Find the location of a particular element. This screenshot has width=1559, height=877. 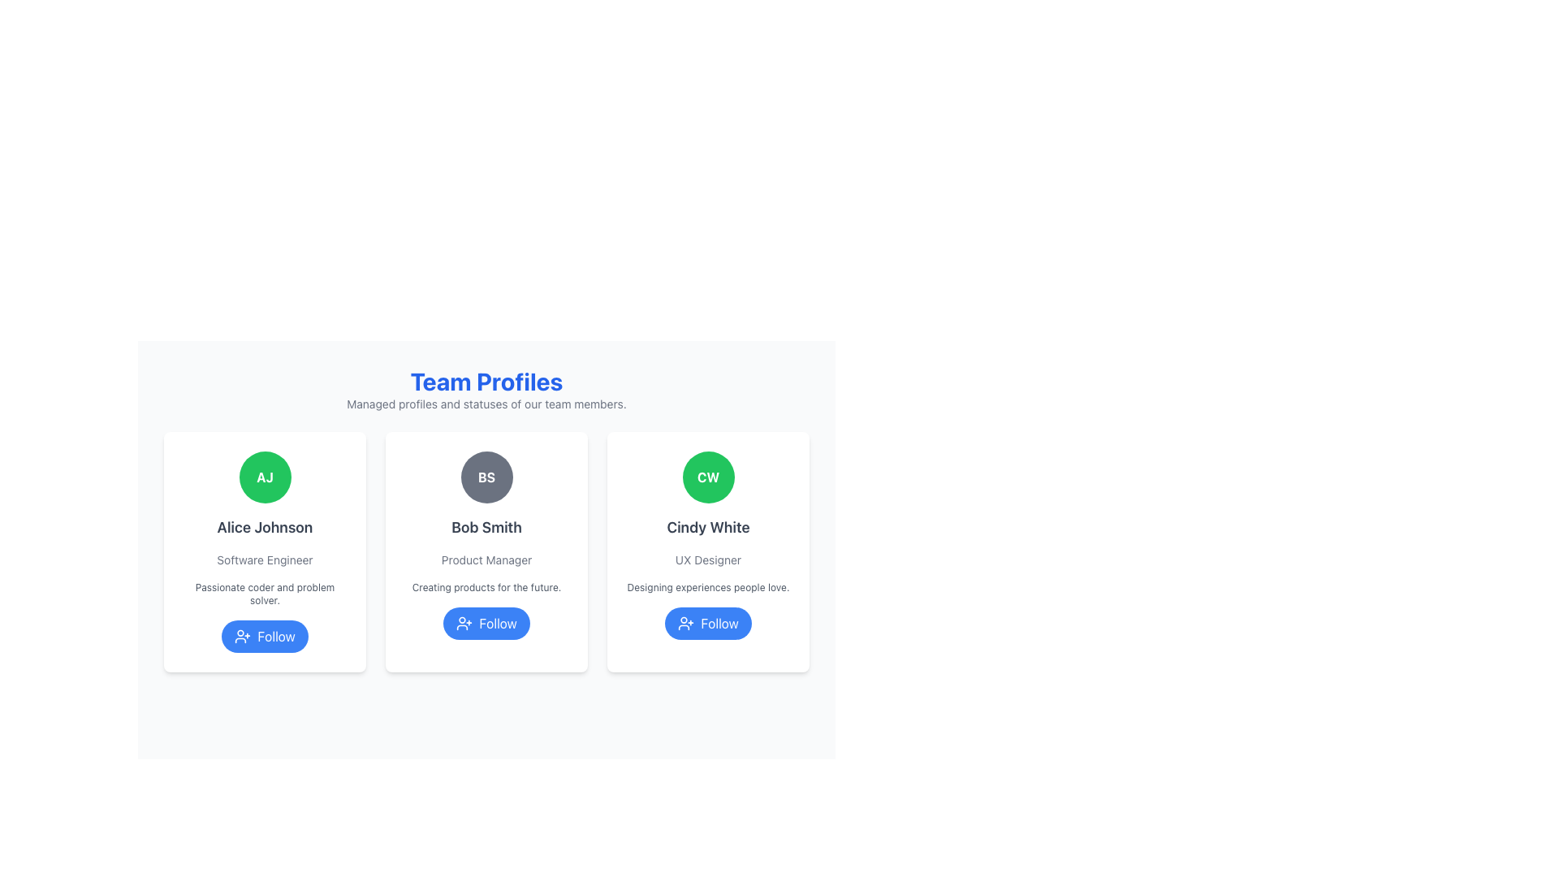

the textual content element that reads 'Designing experiences people love.' located below the 'UX Designer' designation in the card layout for 'Cindy White' is located at coordinates (708, 588).